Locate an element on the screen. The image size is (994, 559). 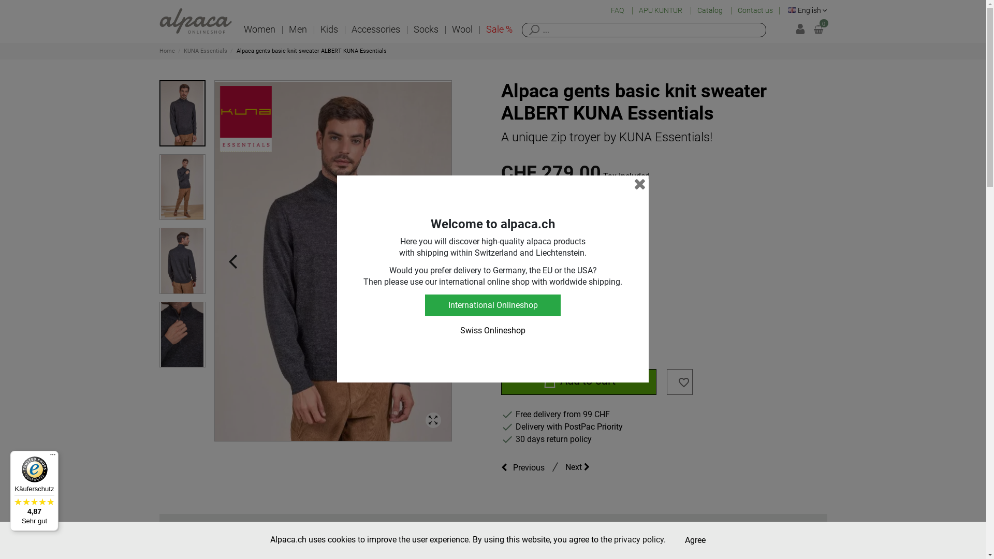
'Women' is located at coordinates (259, 29).